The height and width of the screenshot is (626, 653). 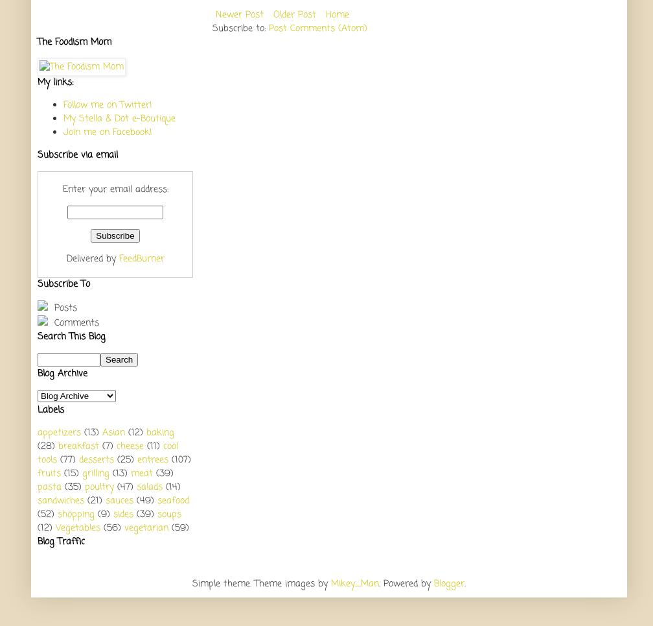 I want to click on 'pasta', so click(x=49, y=486).